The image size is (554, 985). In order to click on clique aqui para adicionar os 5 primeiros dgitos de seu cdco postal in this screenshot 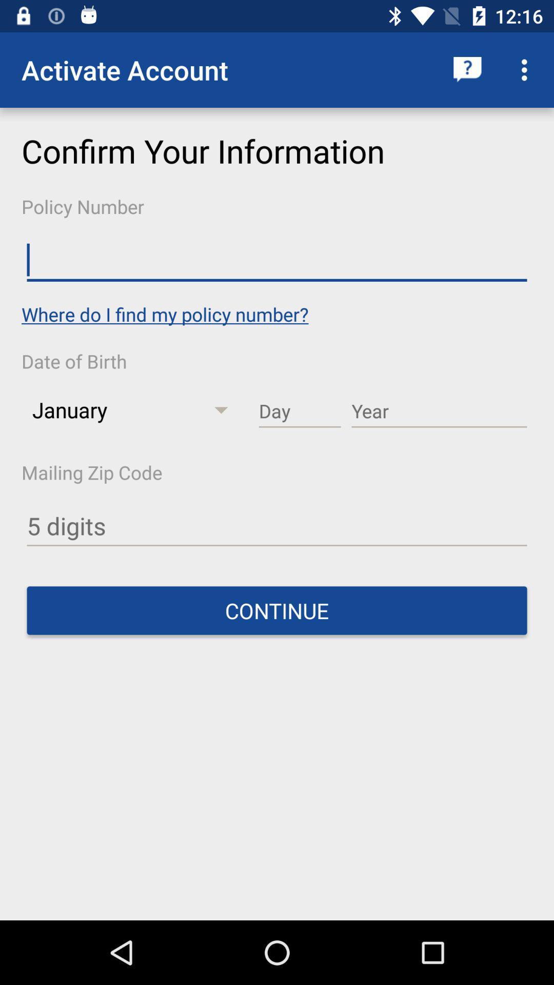, I will do `click(277, 526)`.